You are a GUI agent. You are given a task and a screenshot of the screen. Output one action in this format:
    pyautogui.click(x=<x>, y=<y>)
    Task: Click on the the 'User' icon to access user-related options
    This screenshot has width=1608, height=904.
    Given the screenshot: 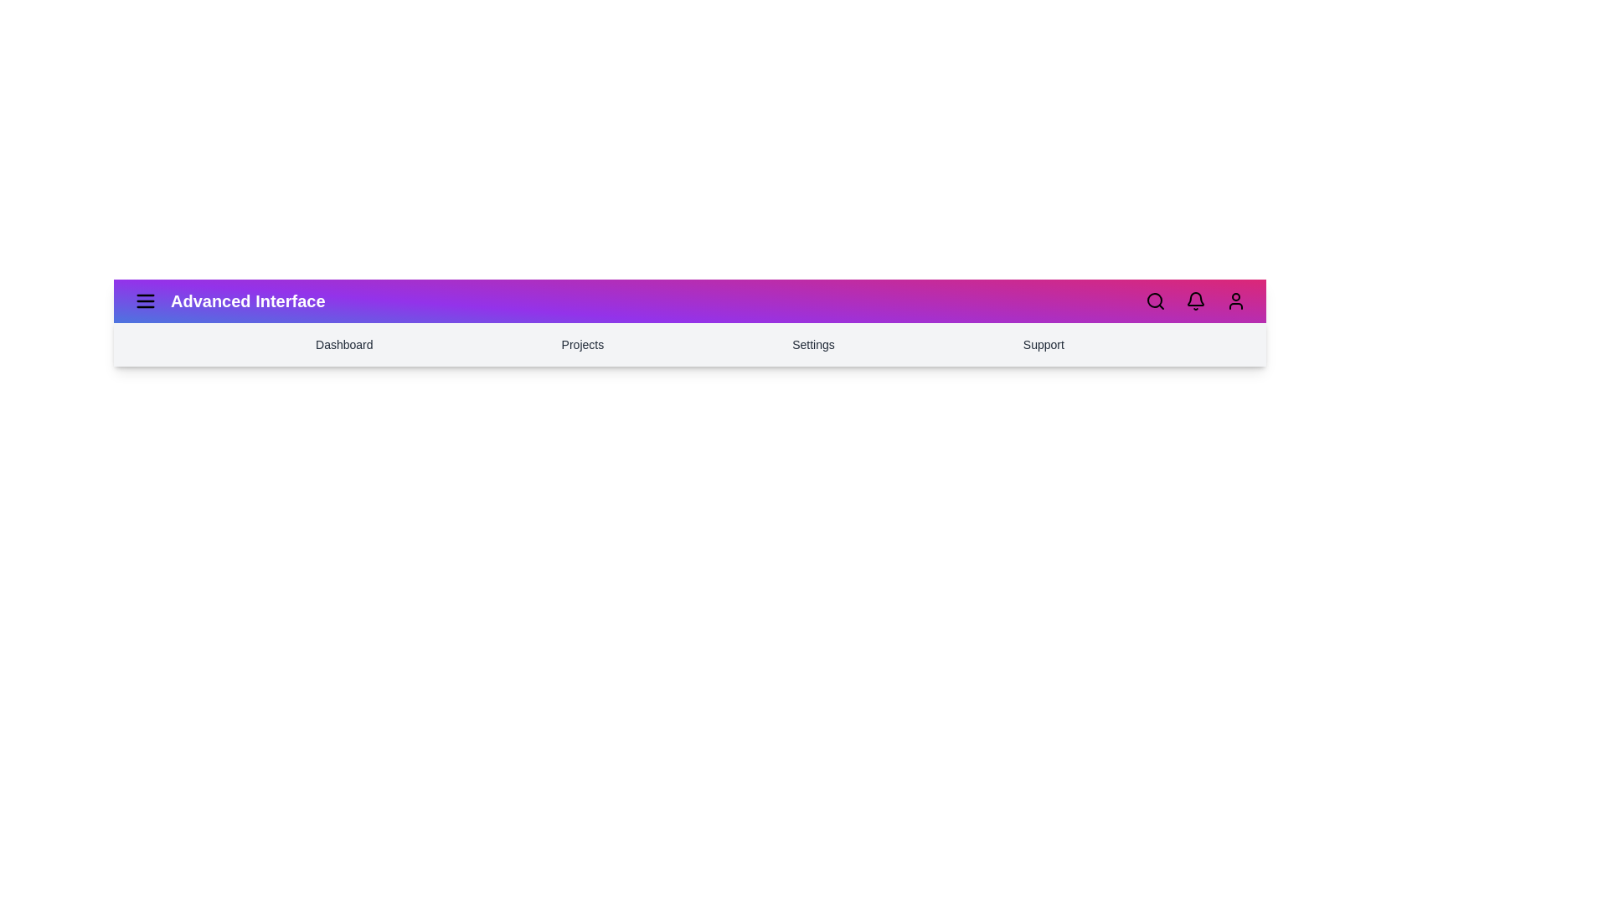 What is the action you would take?
    pyautogui.click(x=1236, y=300)
    